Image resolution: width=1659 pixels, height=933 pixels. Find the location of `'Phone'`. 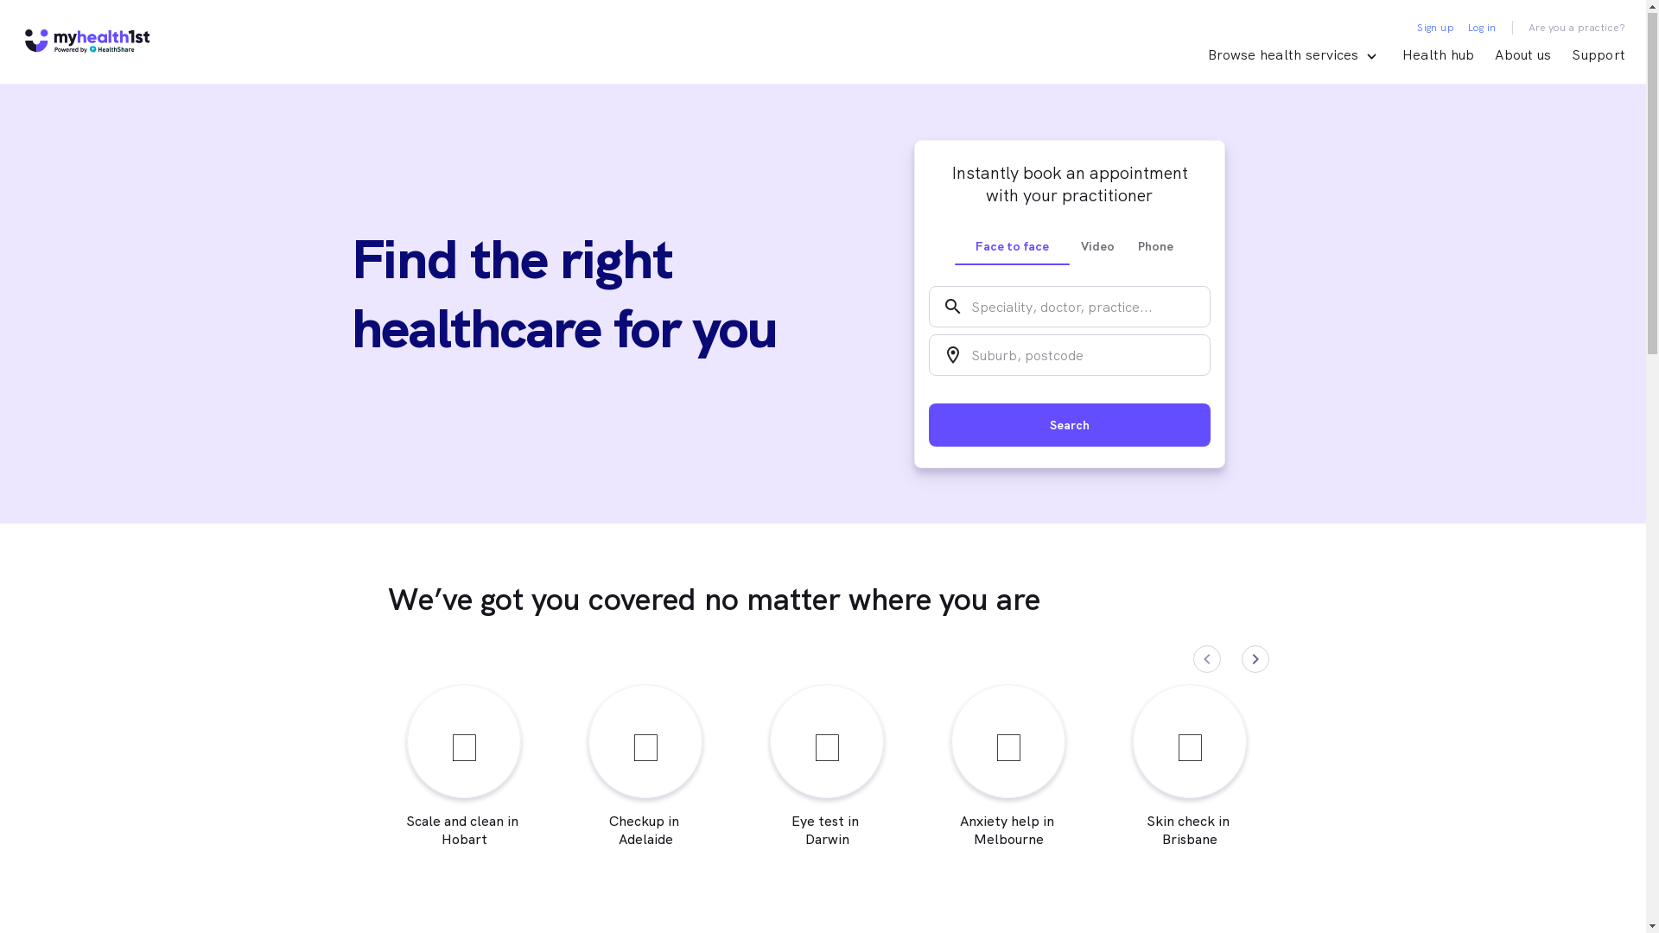

'Phone' is located at coordinates (1127, 246).